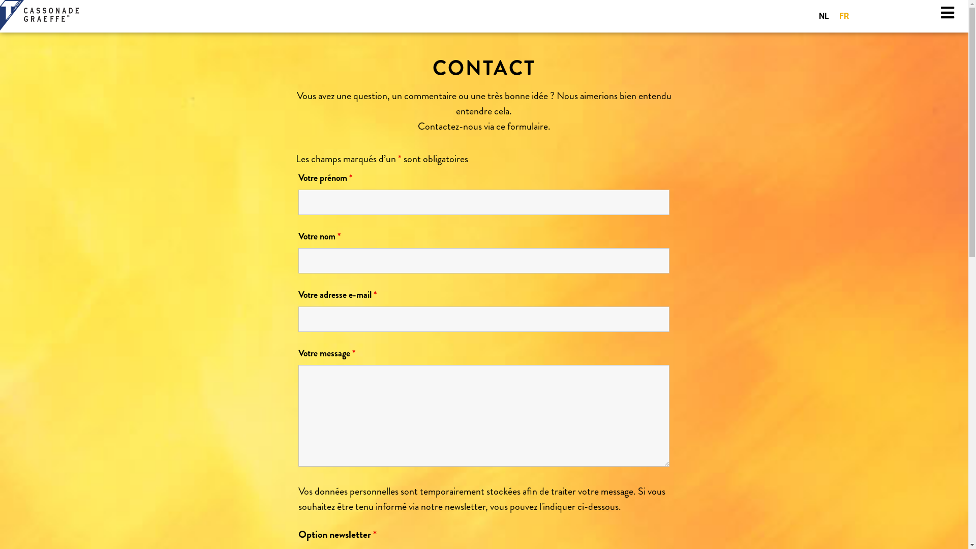 Image resolution: width=976 pixels, height=549 pixels. What do you see at coordinates (844, 16) in the screenshot?
I see `'FR'` at bounding box center [844, 16].